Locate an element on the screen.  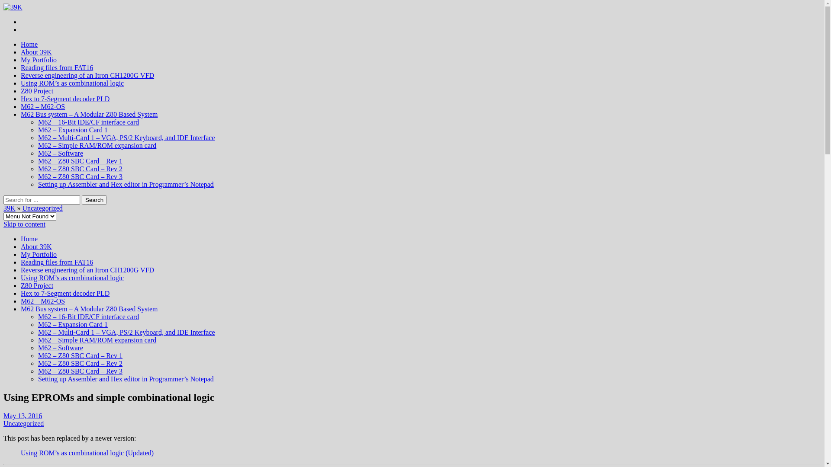
'About 39K' is located at coordinates (35, 246).